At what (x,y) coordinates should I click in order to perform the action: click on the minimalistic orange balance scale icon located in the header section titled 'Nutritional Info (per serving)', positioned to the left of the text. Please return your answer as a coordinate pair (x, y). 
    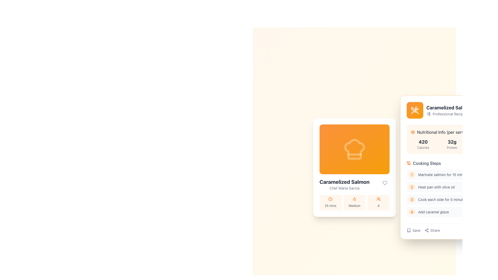
    Looking at the image, I should click on (413, 132).